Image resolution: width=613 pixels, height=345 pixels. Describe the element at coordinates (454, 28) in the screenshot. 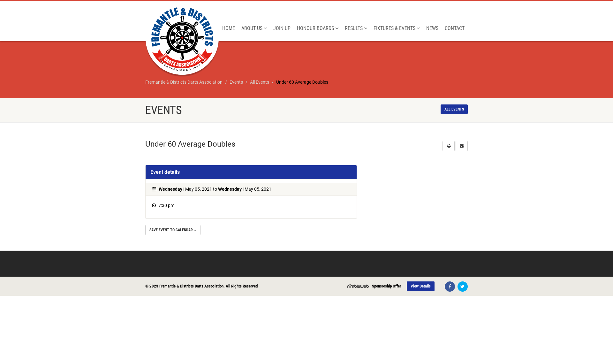

I see `'CONTACT'` at that location.